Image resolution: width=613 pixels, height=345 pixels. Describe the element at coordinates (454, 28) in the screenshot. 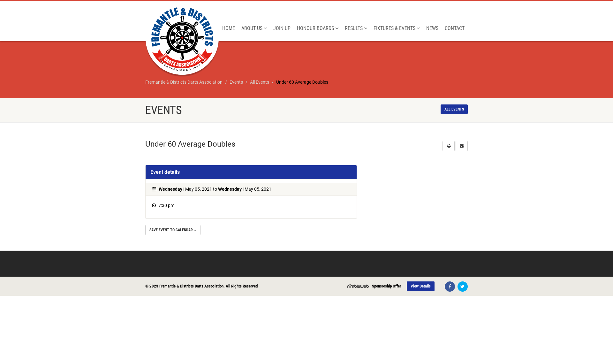

I see `'CONTACT'` at that location.